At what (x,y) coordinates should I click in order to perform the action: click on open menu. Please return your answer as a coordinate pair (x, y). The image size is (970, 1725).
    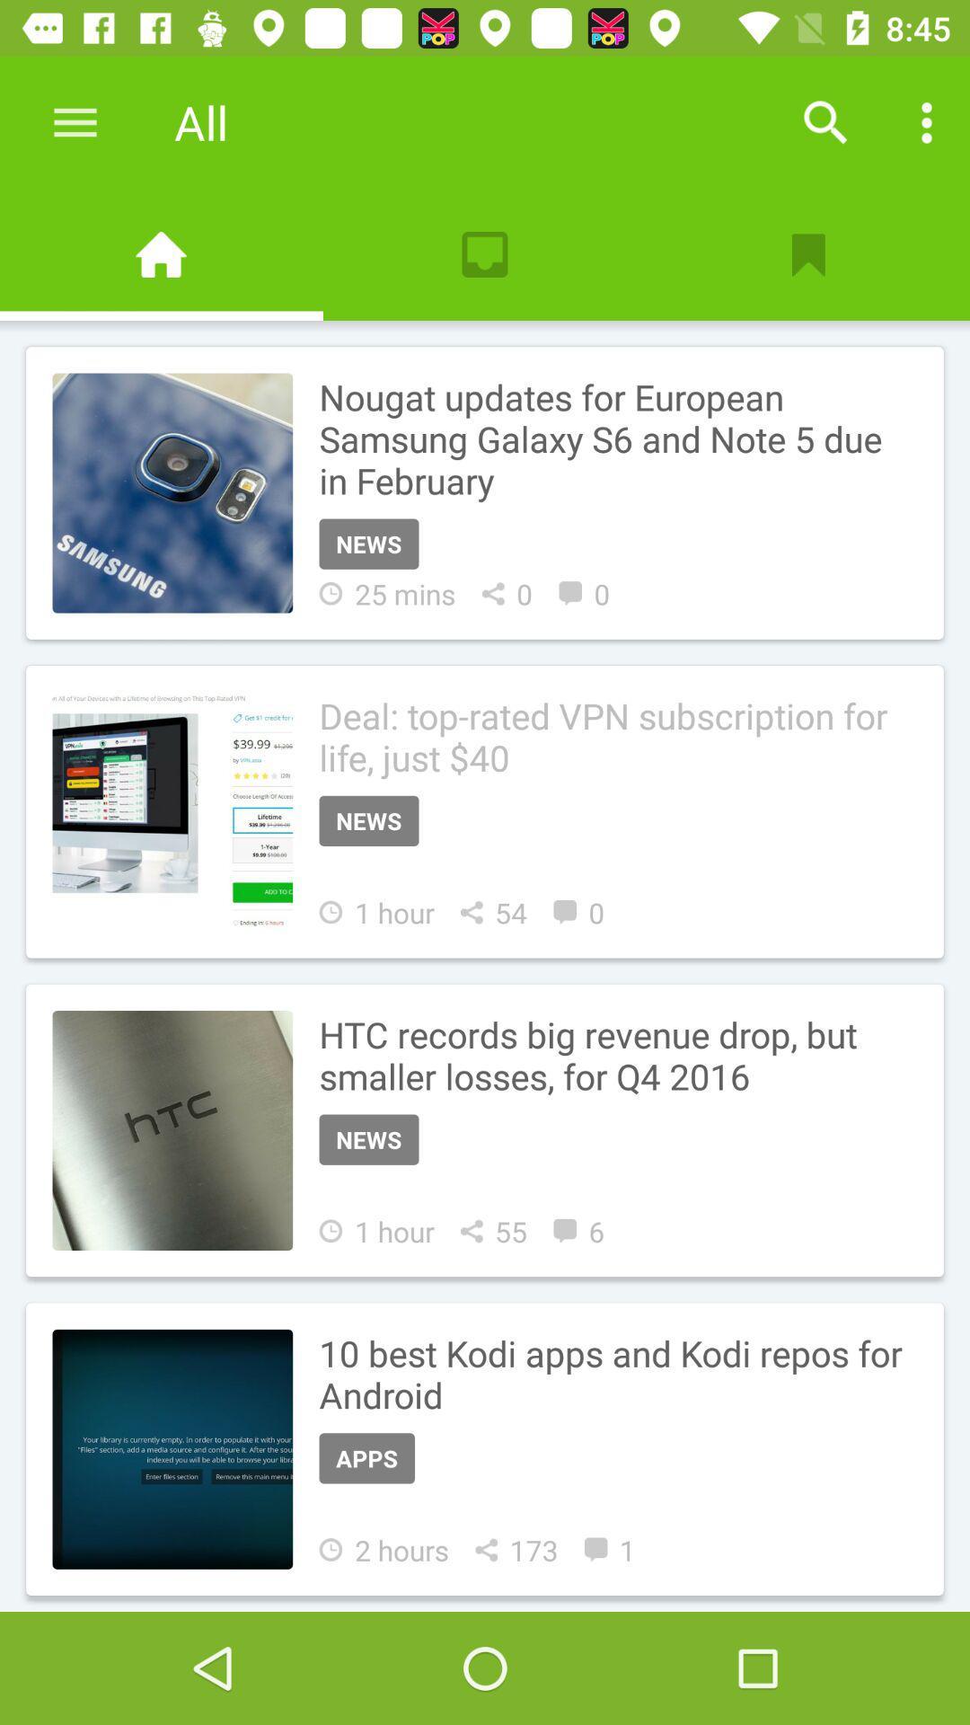
    Looking at the image, I should click on (75, 121).